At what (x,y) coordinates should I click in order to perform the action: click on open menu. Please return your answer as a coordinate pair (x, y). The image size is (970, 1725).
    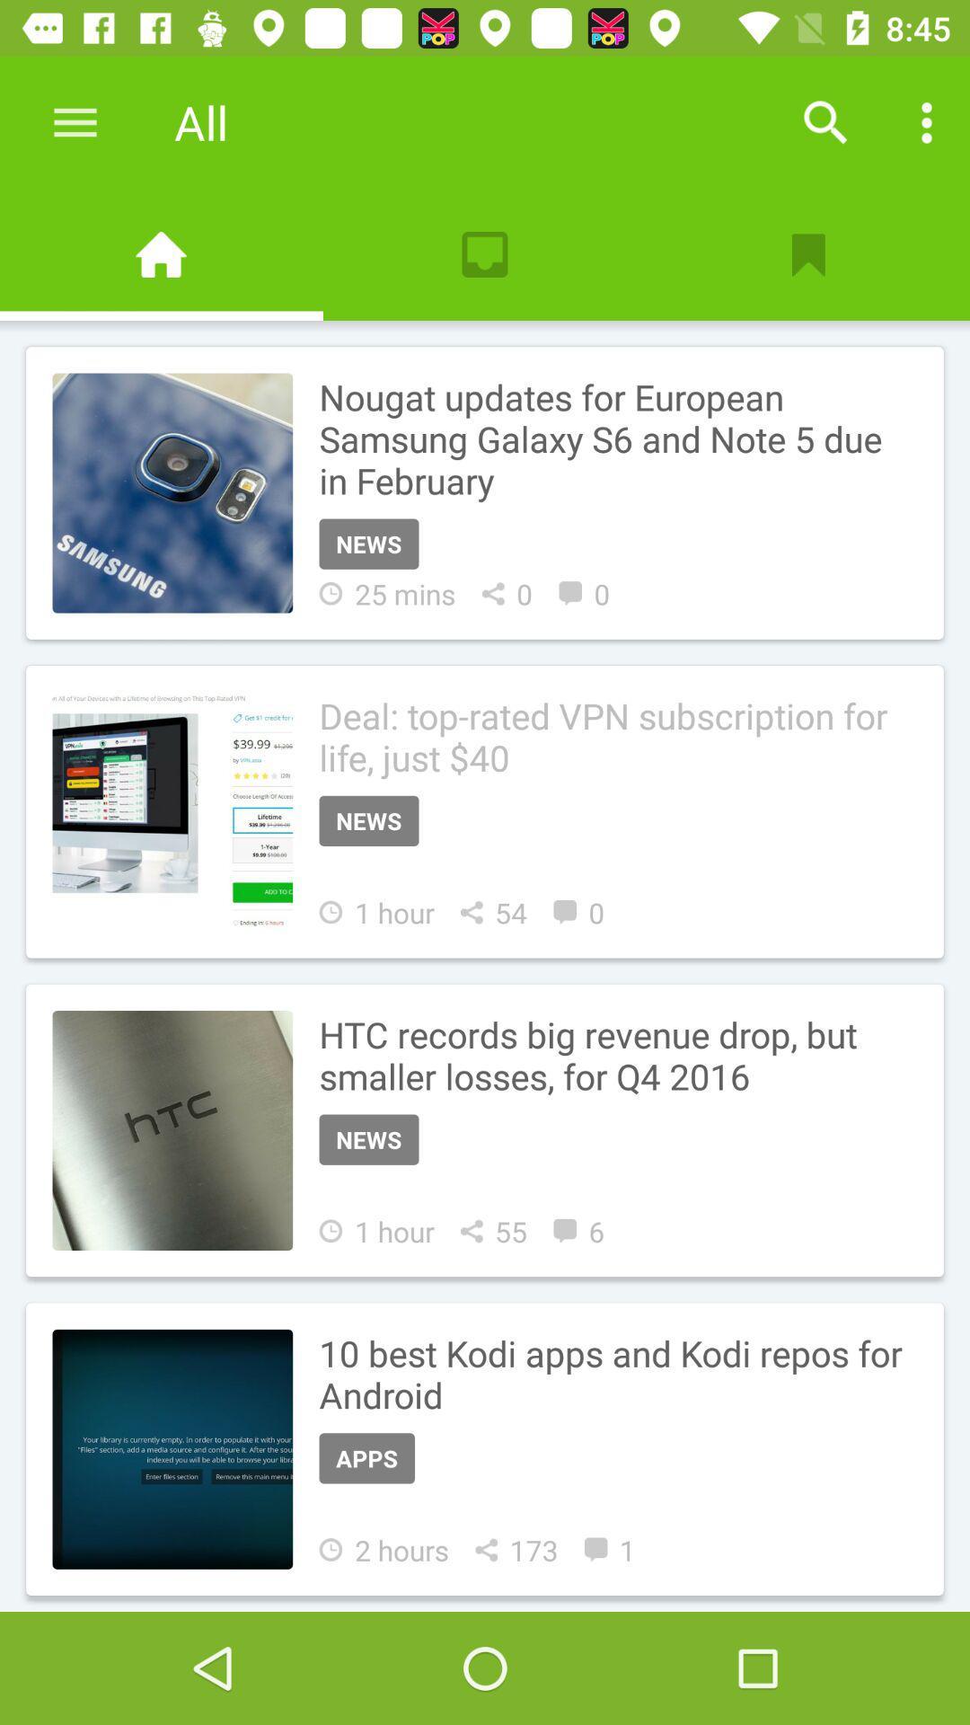
    Looking at the image, I should click on (75, 121).